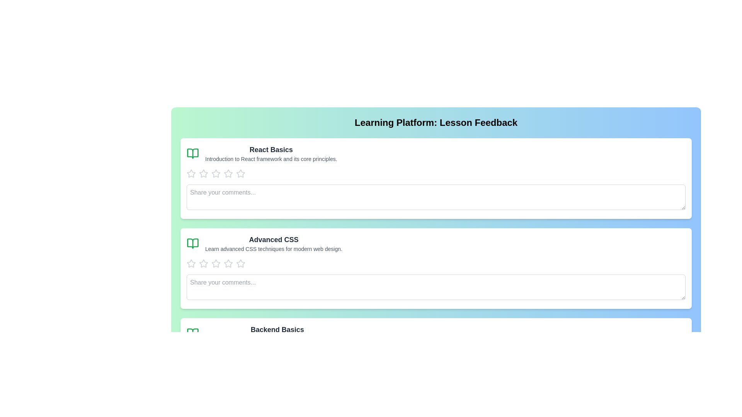 The height and width of the screenshot is (417, 742). I want to click on the static text that reads 'Introduction to React framework and its core principles.', which is styled in a smaller font size and lighter gray color, located below the title 'React Basics' and to the right of a book icon, so click(271, 159).